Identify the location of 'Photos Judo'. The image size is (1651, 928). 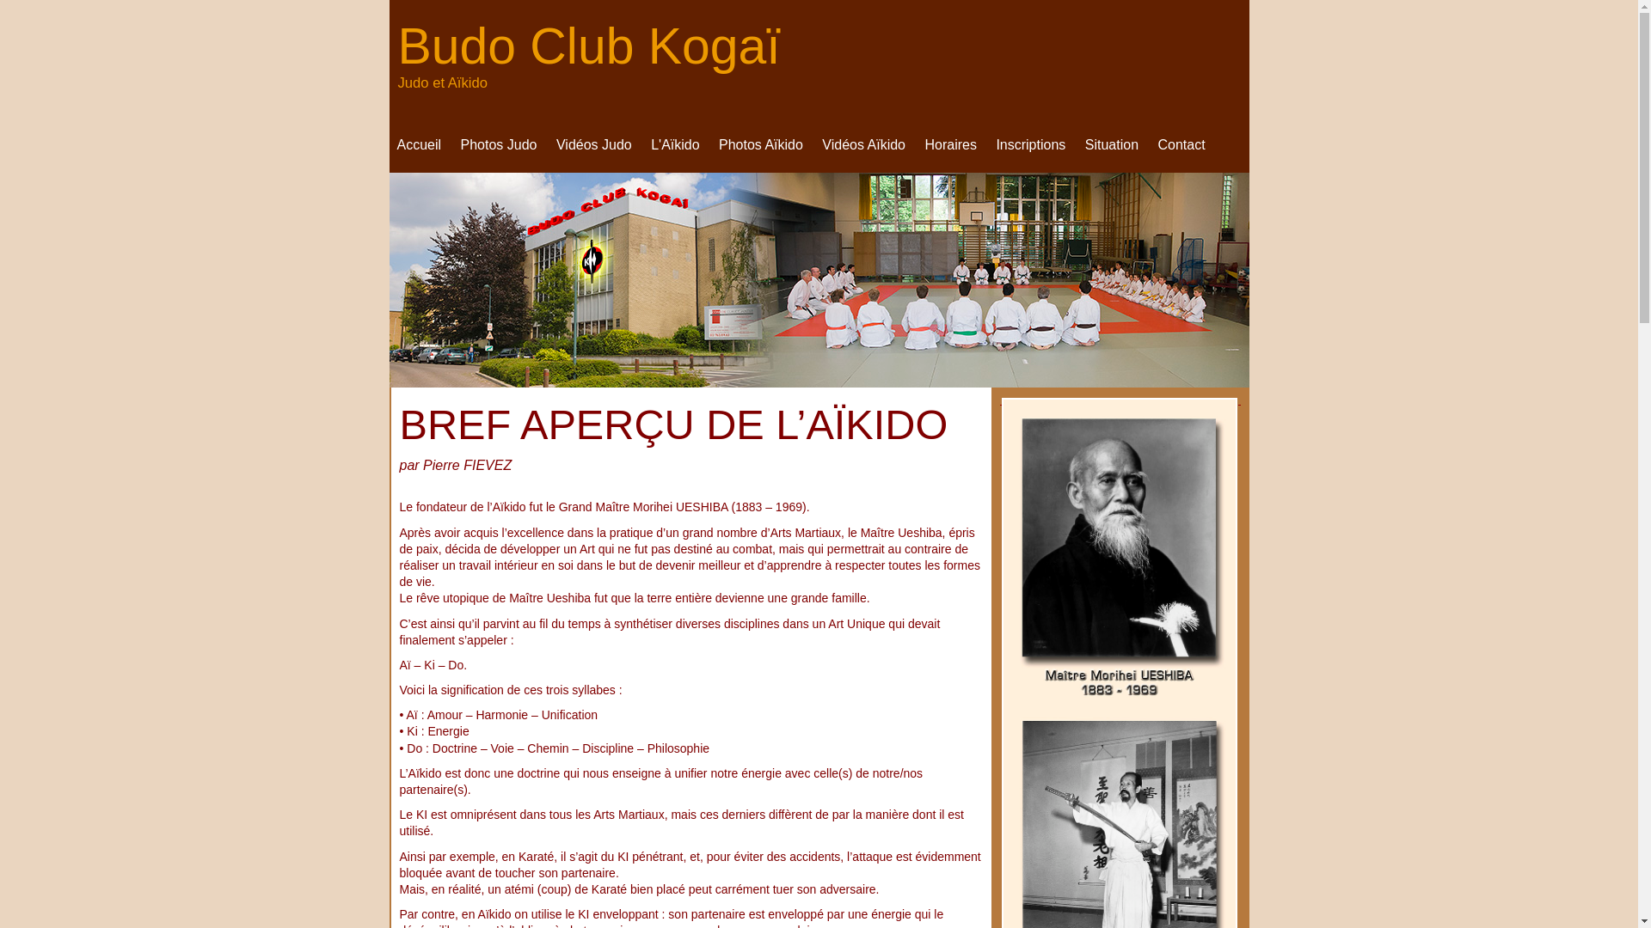
(453, 140).